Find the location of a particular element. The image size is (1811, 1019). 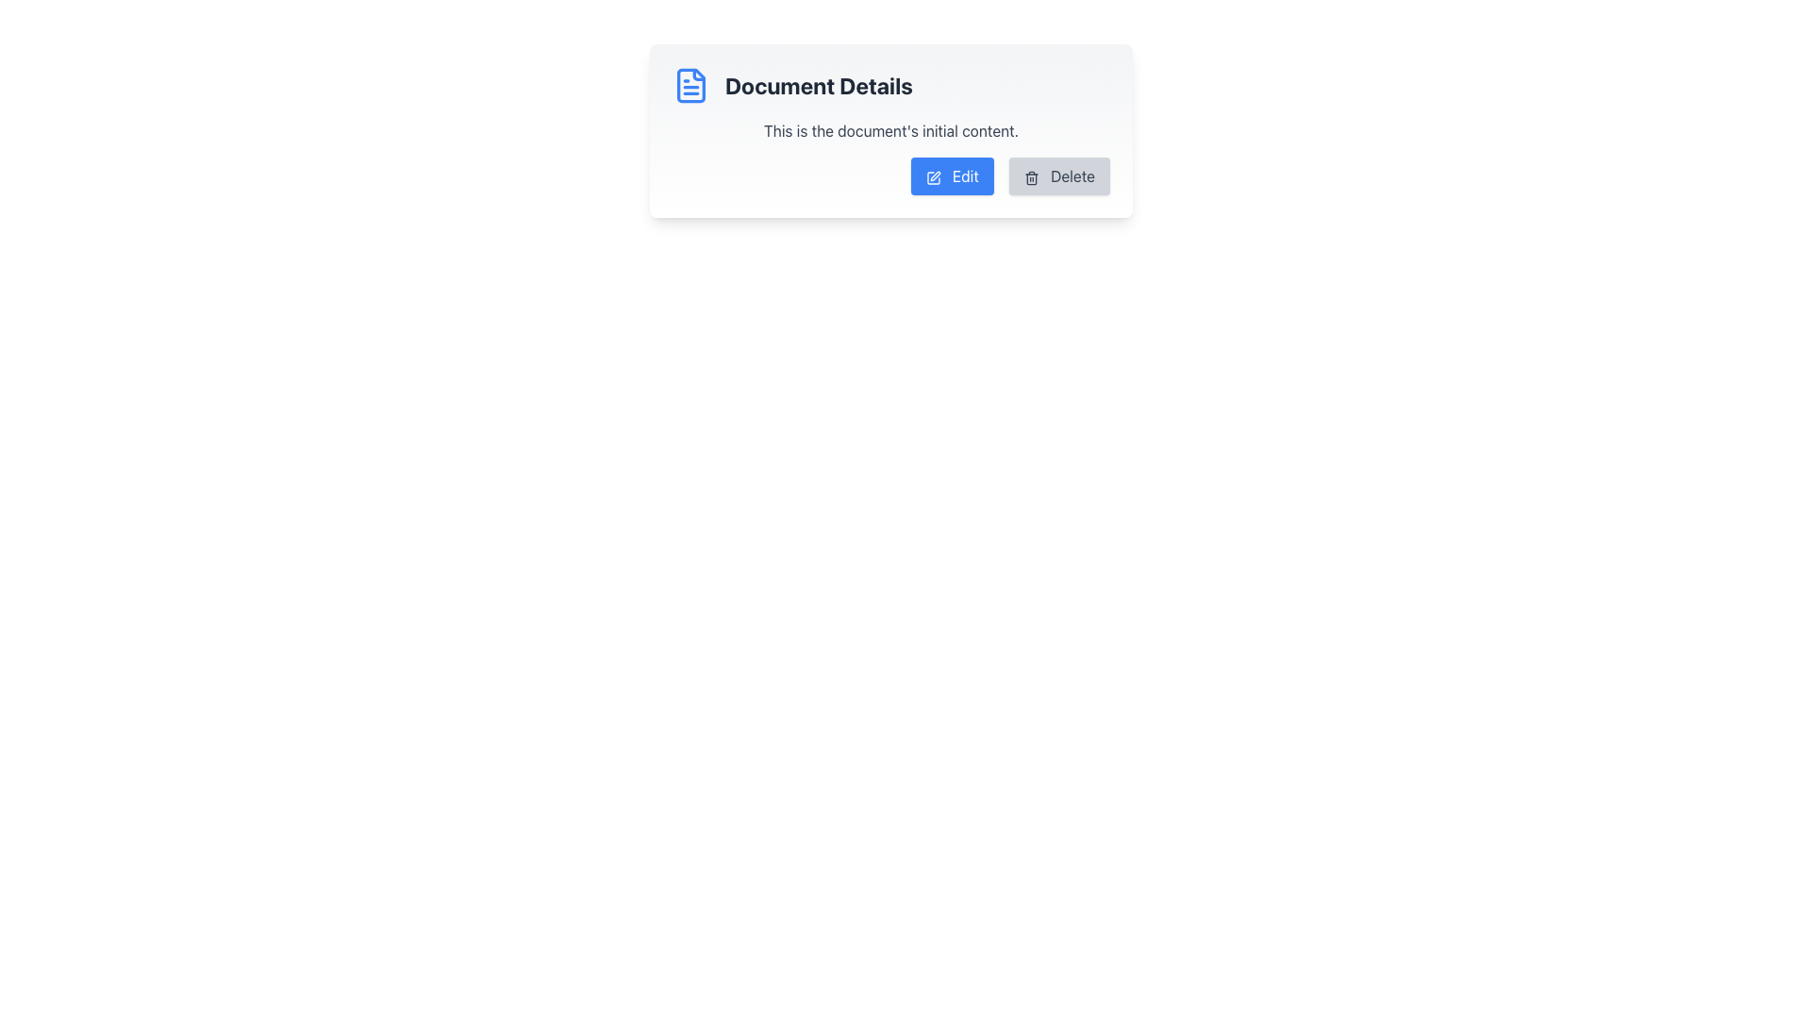

the 'Edit' button in the horizontal group of action buttons located at the bottom-right of the 'Document Details' content card is located at coordinates (890, 175).